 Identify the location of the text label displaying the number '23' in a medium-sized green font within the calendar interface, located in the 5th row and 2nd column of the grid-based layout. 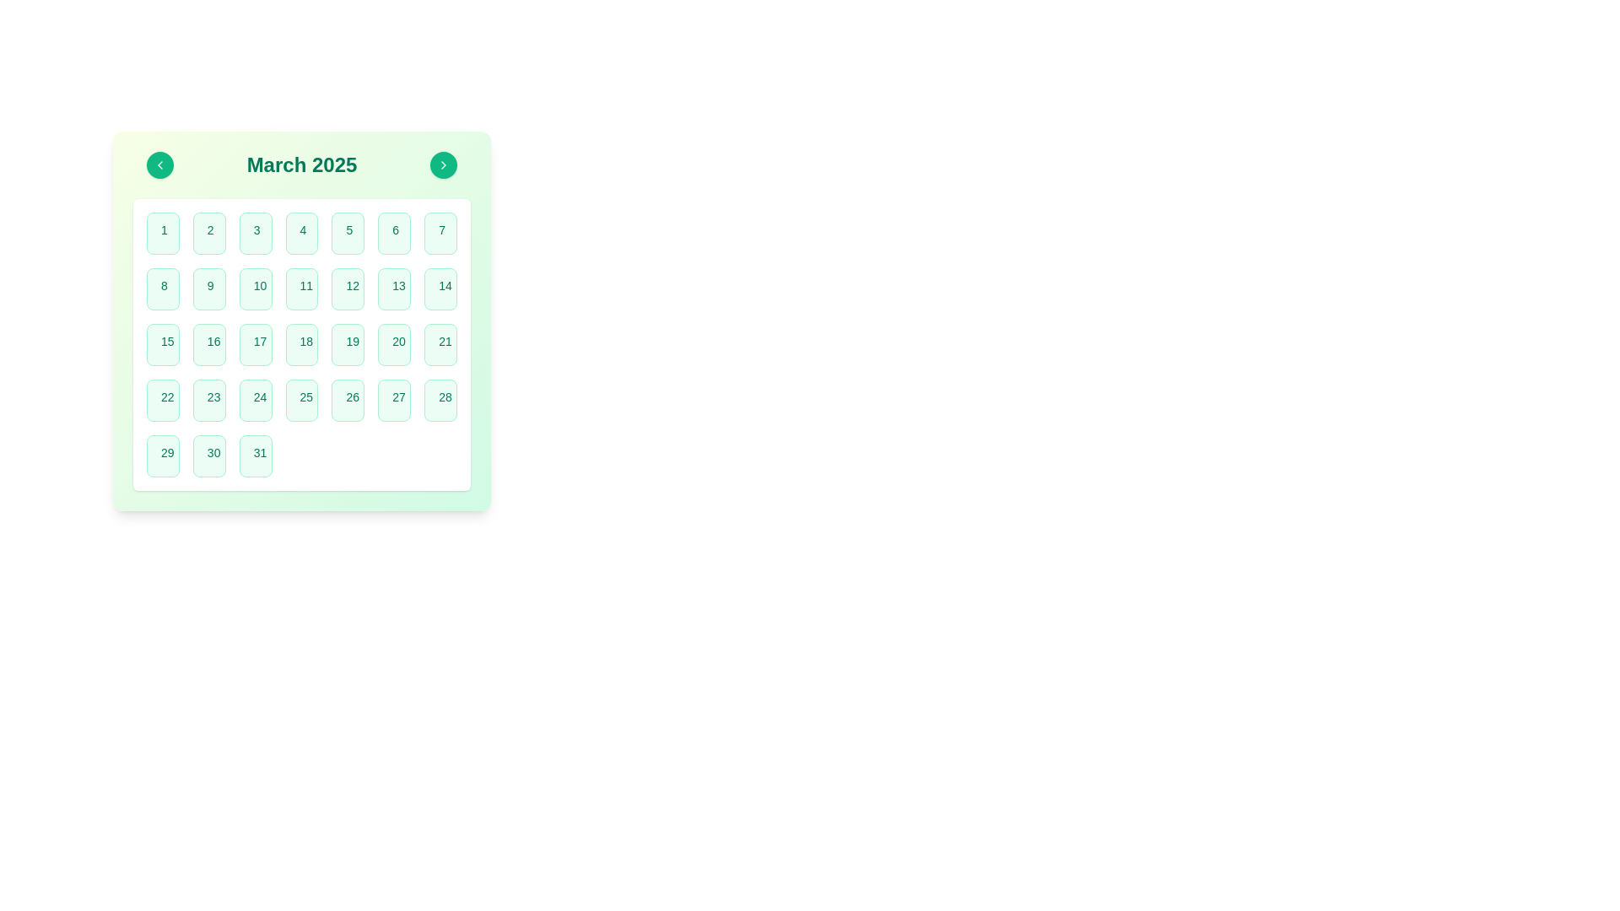
(213, 396).